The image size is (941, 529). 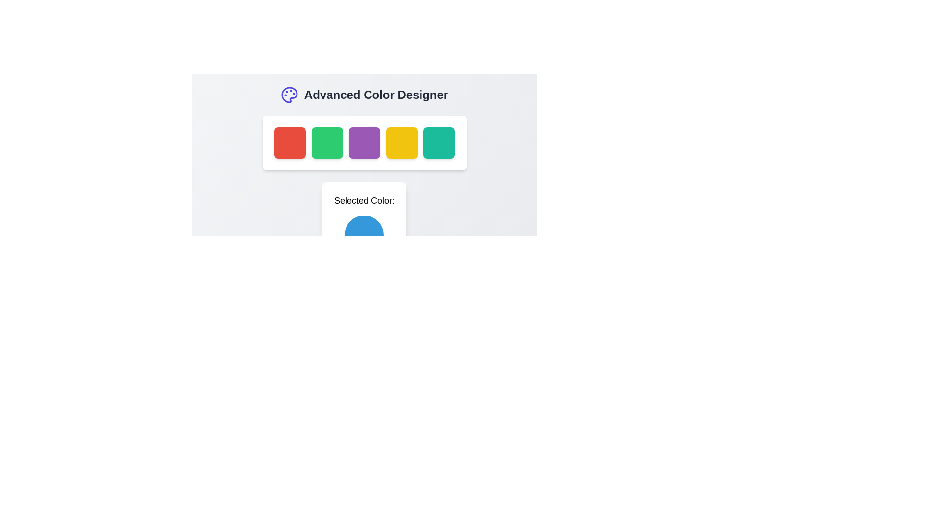 What do you see at coordinates (364, 216) in the screenshot?
I see `the circular color indicator displaying the currently selected color` at bounding box center [364, 216].